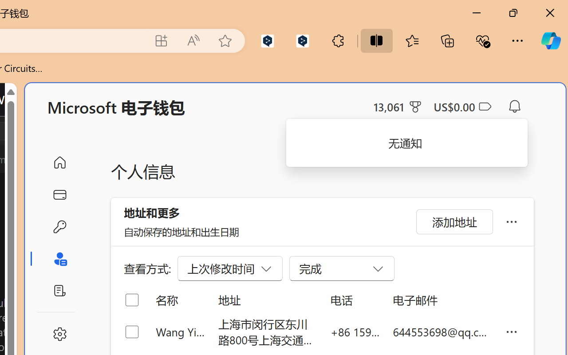 The width and height of the screenshot is (568, 355). Describe the element at coordinates (180, 331) in the screenshot. I see `'Wang Yian'` at that location.